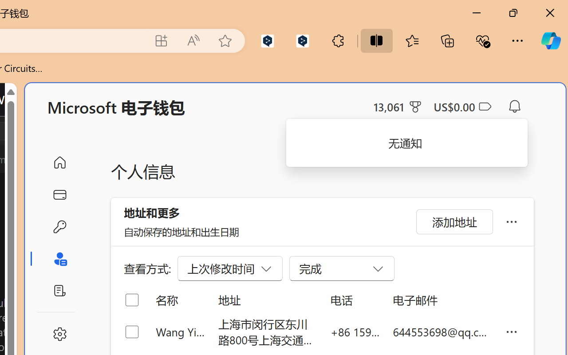 The width and height of the screenshot is (568, 355). Describe the element at coordinates (180, 331) in the screenshot. I see `'Wang Yian'` at that location.